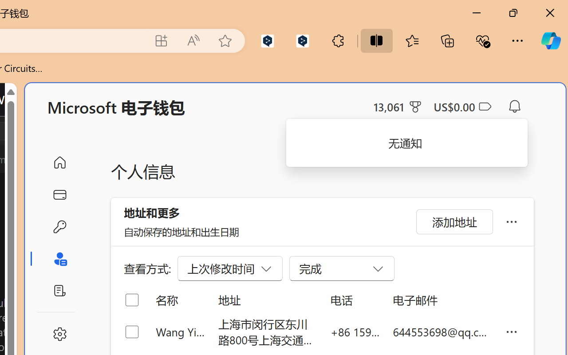 The width and height of the screenshot is (568, 355). Describe the element at coordinates (180, 331) in the screenshot. I see `'Wang Yian'` at that location.